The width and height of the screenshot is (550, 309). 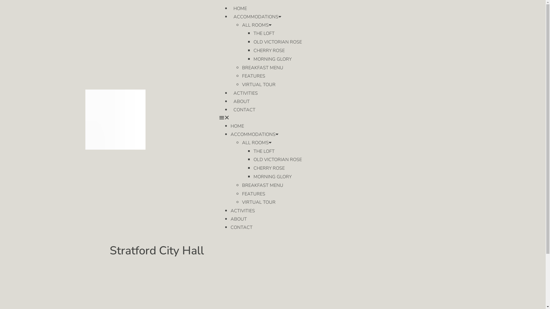 What do you see at coordinates (262, 67) in the screenshot?
I see `'BREAKFAST MENU'` at bounding box center [262, 67].